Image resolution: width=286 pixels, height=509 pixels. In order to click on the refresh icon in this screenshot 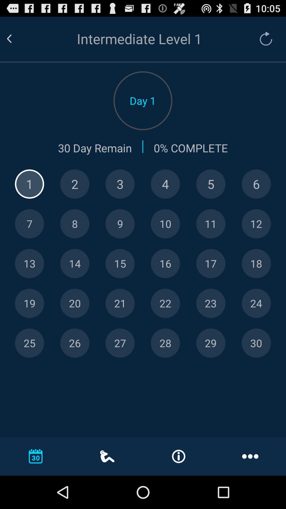, I will do `click(263, 41)`.